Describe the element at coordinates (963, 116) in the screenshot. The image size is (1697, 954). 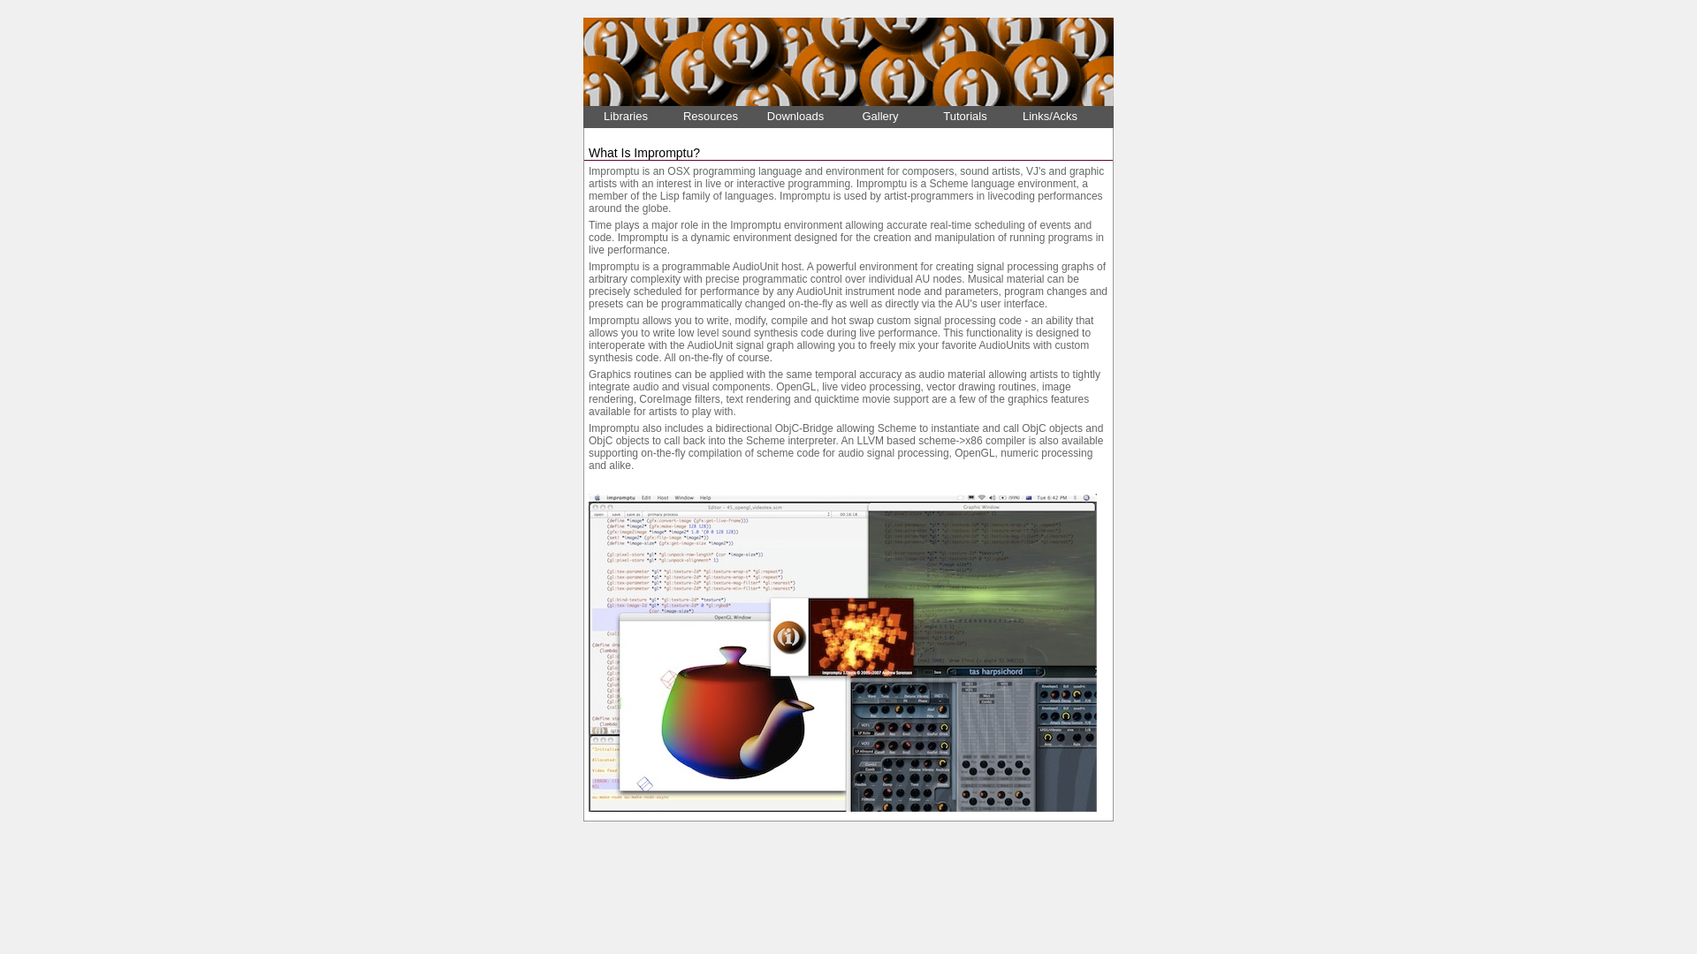
I see `'Tutorials'` at that location.